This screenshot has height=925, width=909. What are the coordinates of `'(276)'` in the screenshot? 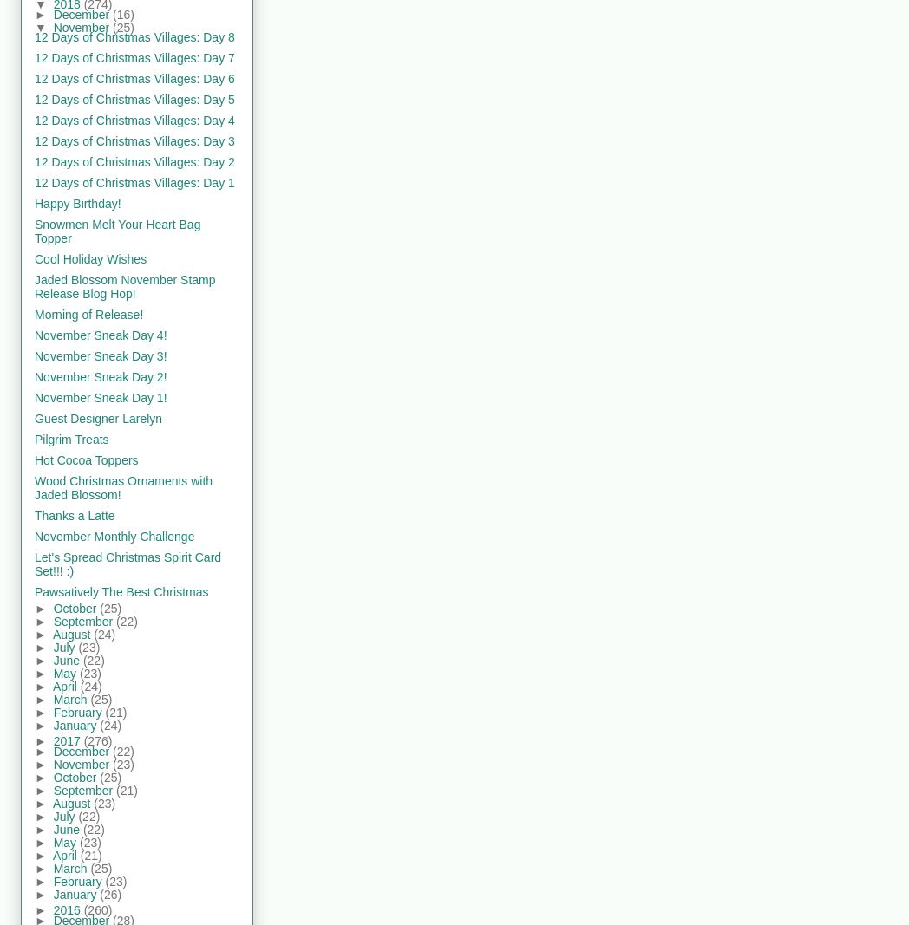 It's located at (96, 739).